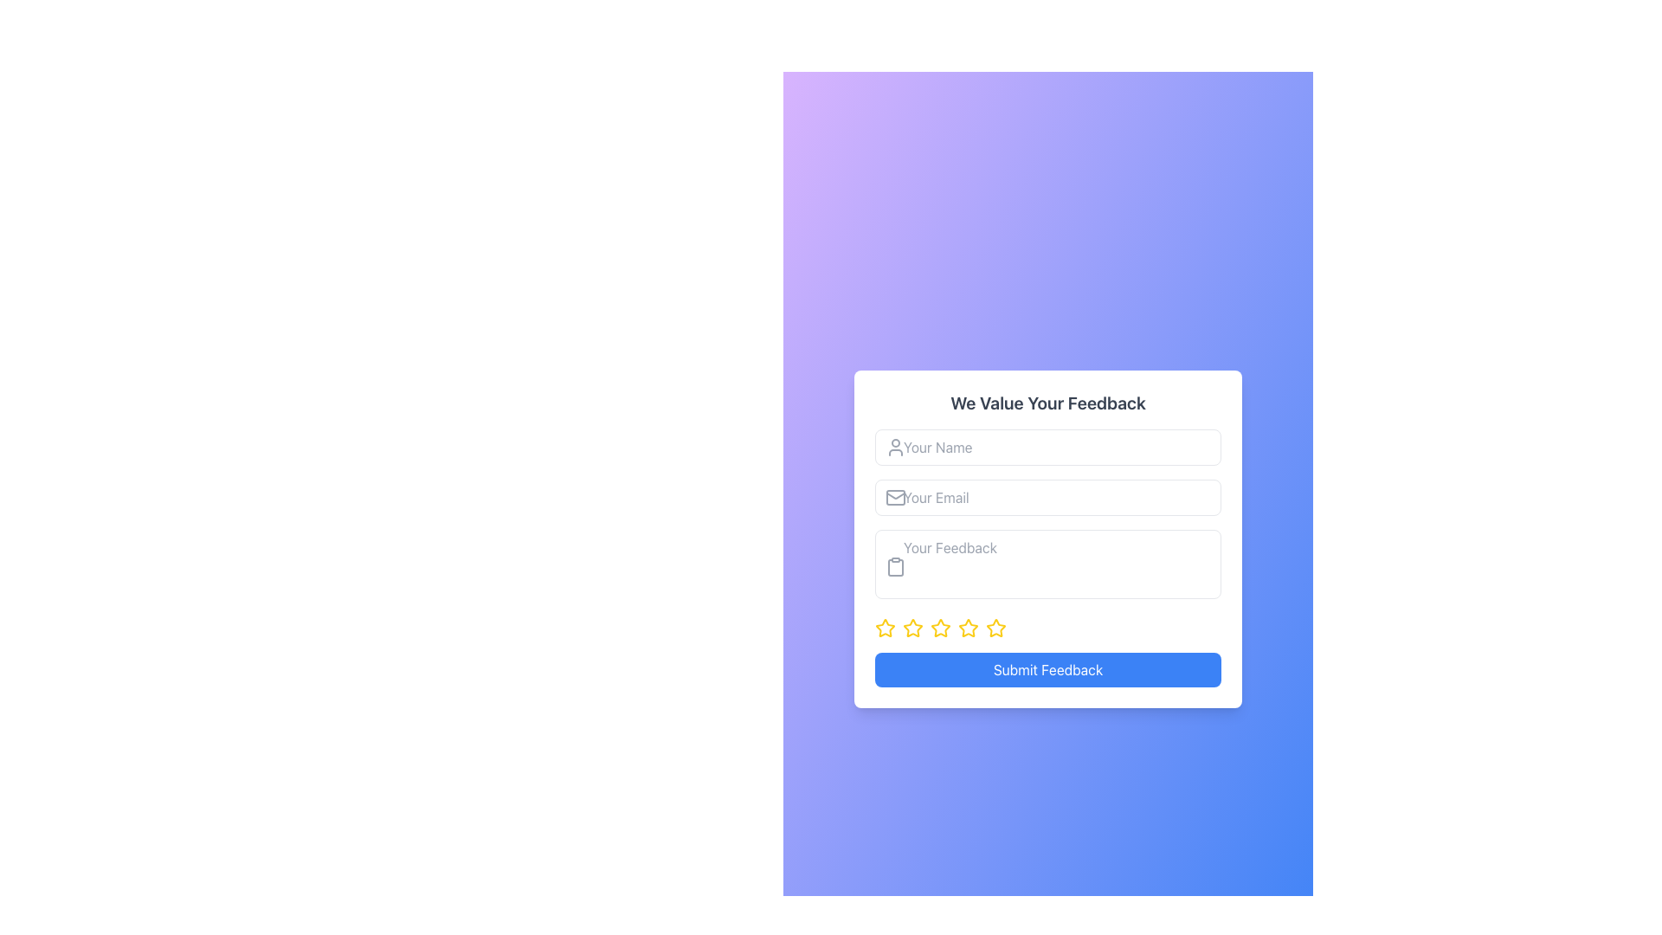 Image resolution: width=1662 pixels, height=935 pixels. What do you see at coordinates (967, 628) in the screenshot?
I see `the sixth star icon in the horizontal group of nine star icons to set a rating on the feedback form card` at bounding box center [967, 628].